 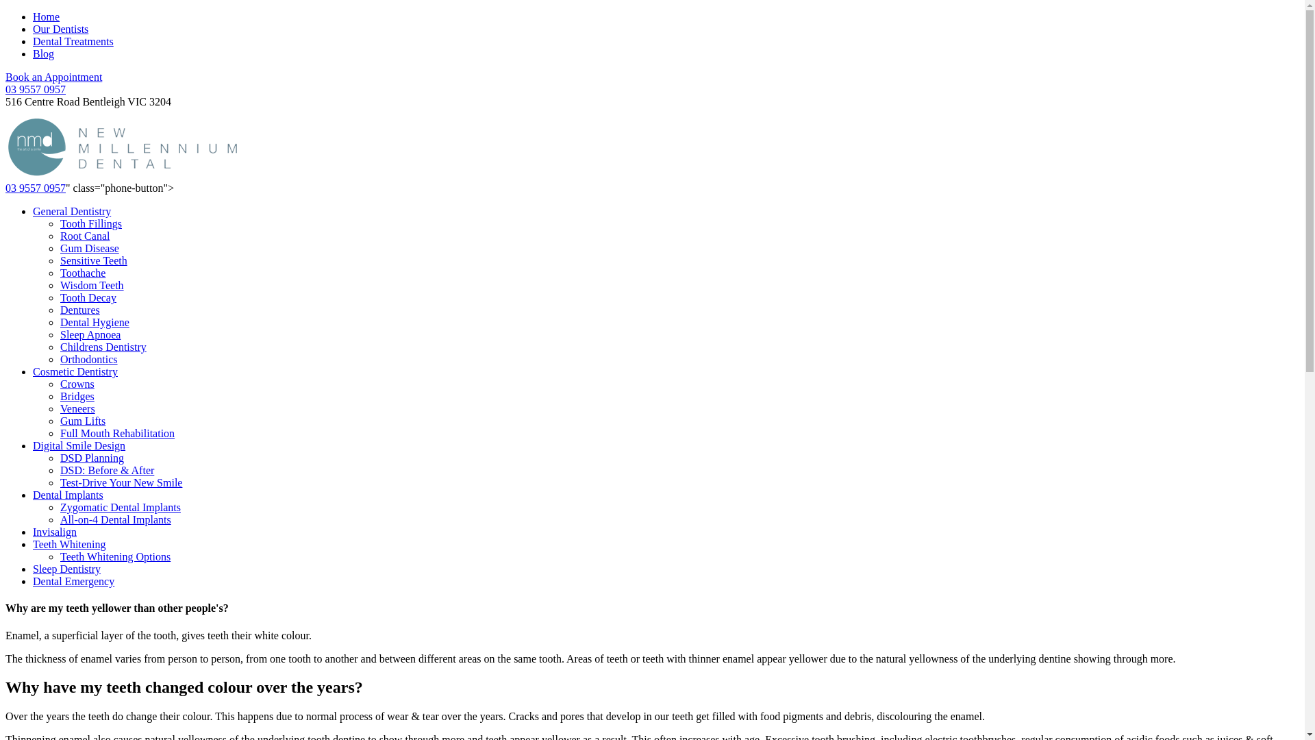 I want to click on 'Wisdom Teeth', so click(x=91, y=284).